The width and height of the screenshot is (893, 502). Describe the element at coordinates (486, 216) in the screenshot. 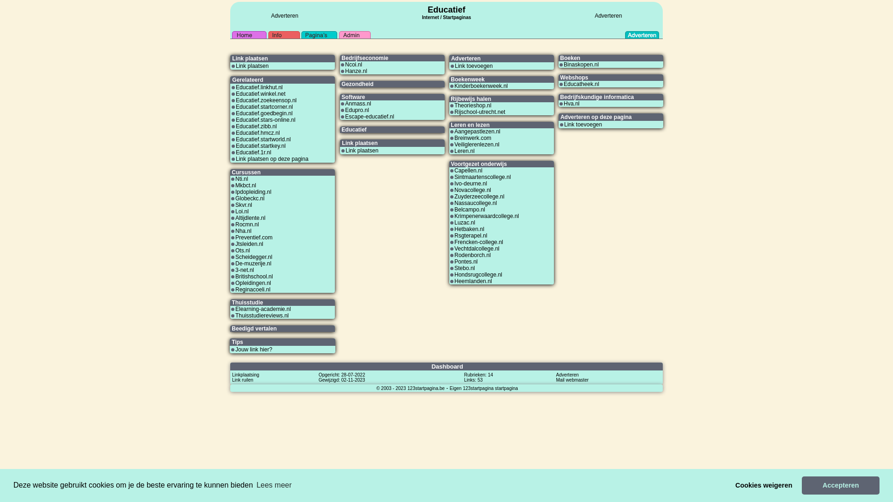

I see `'Krimpenerwaardcollege.nl'` at that location.